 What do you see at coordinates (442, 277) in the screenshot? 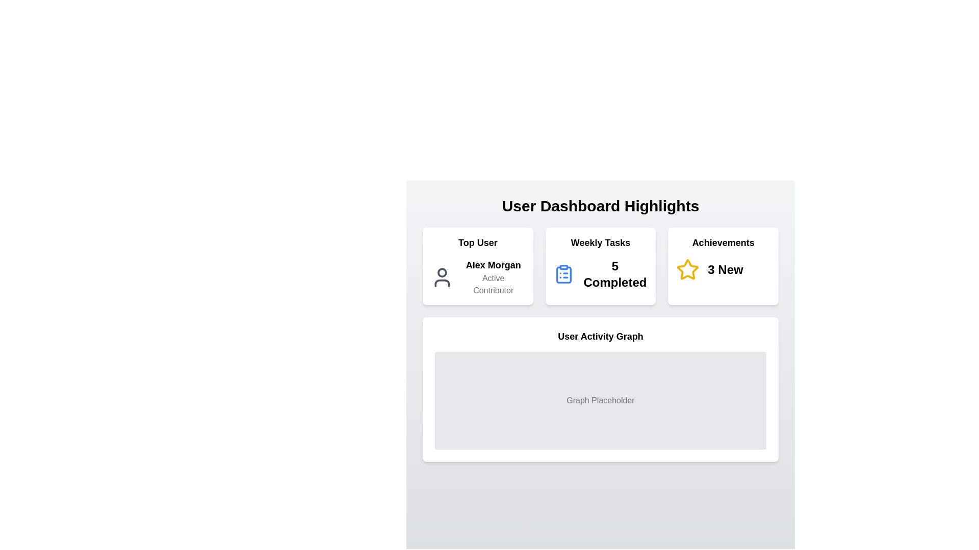
I see `the user profile icon, which is a minimalistic gray SVG representation of a head and shoulders, located to the left of the 'Top User' box containing the text 'Alex Morgan' and 'Active Contributor'` at bounding box center [442, 277].